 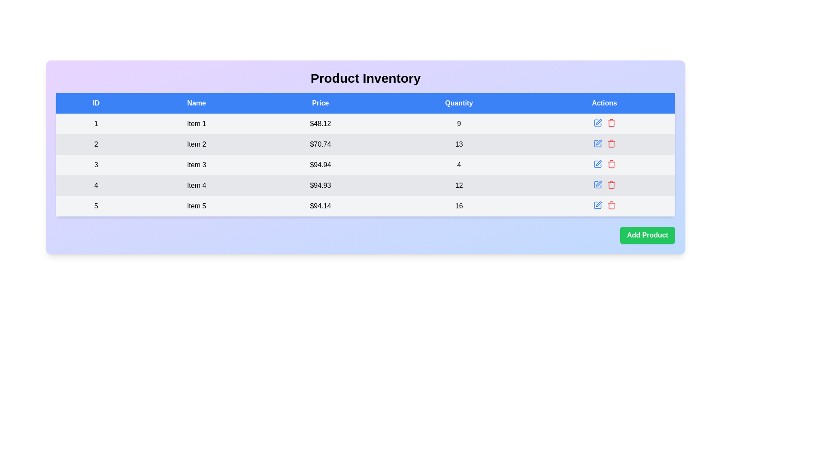 What do you see at coordinates (458, 124) in the screenshot?
I see `the '9' text label in the 'Quantity' column of the first row in the product inventory table` at bounding box center [458, 124].